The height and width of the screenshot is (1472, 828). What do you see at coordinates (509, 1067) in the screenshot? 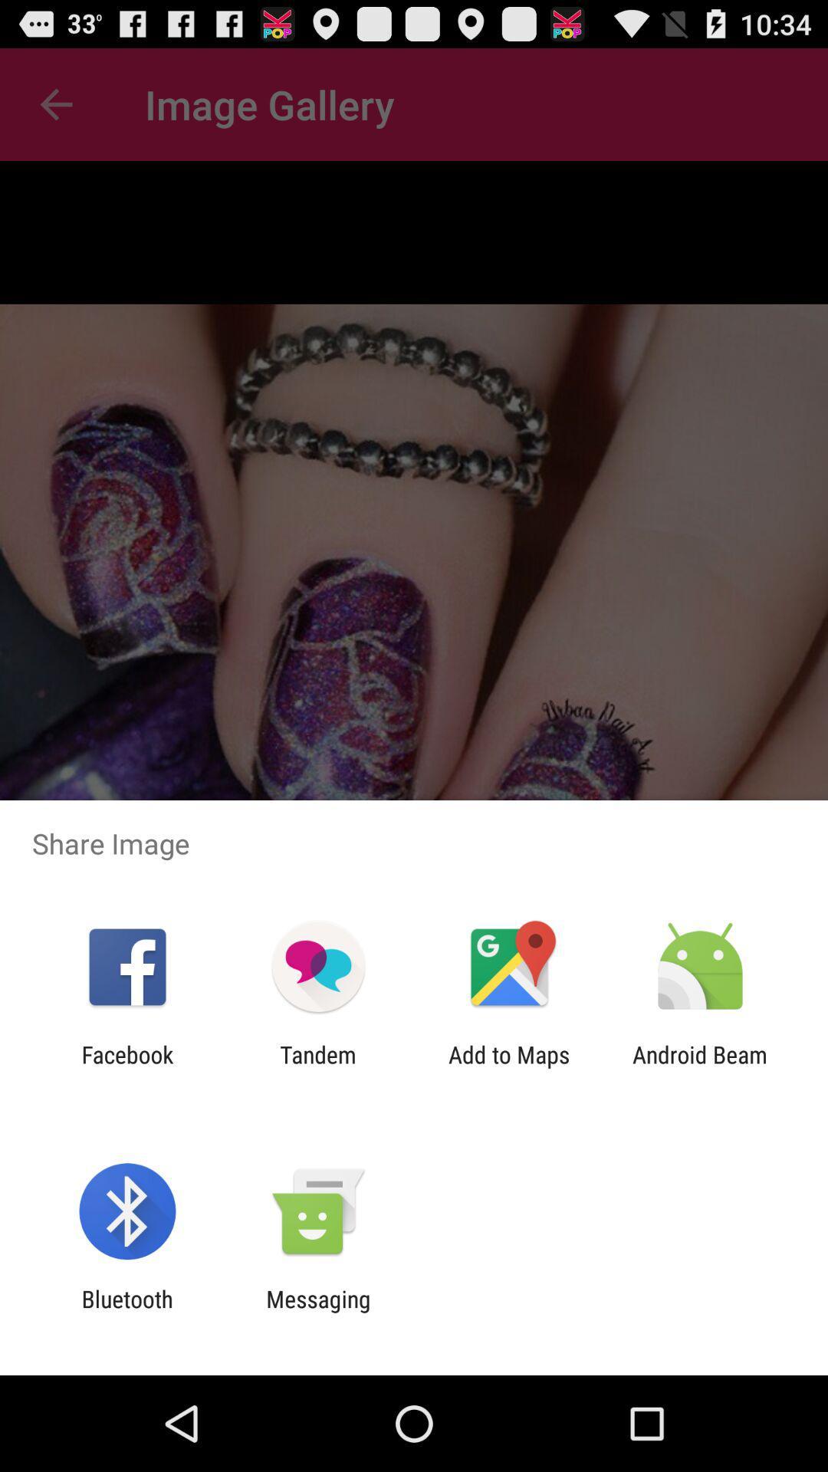
I see `the app to the right of tandem app` at bounding box center [509, 1067].